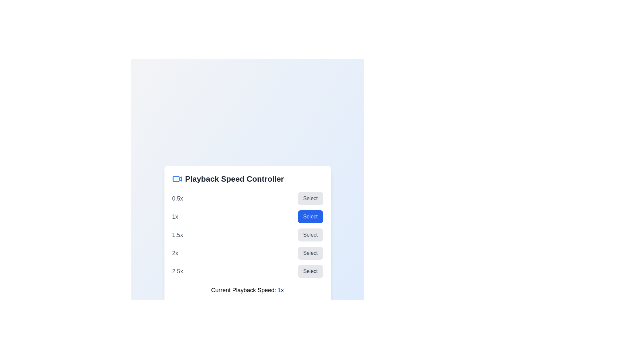 Image resolution: width=624 pixels, height=351 pixels. I want to click on the static text label displaying '1.5x', which is the third item in the playback speed list, aligned vertically with '0.5x' and '1x' above it, and '2x' and '2.5x' below it, so click(177, 235).